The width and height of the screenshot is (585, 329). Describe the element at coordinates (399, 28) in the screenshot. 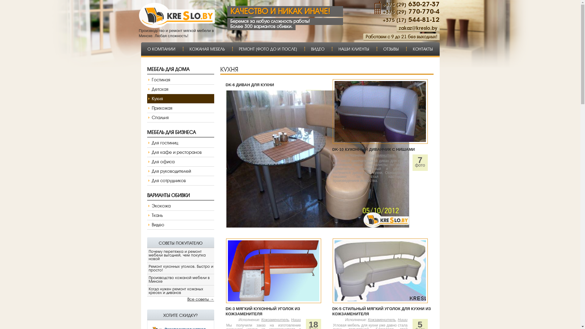

I see `'zakaz@kreslo.by'` at that location.